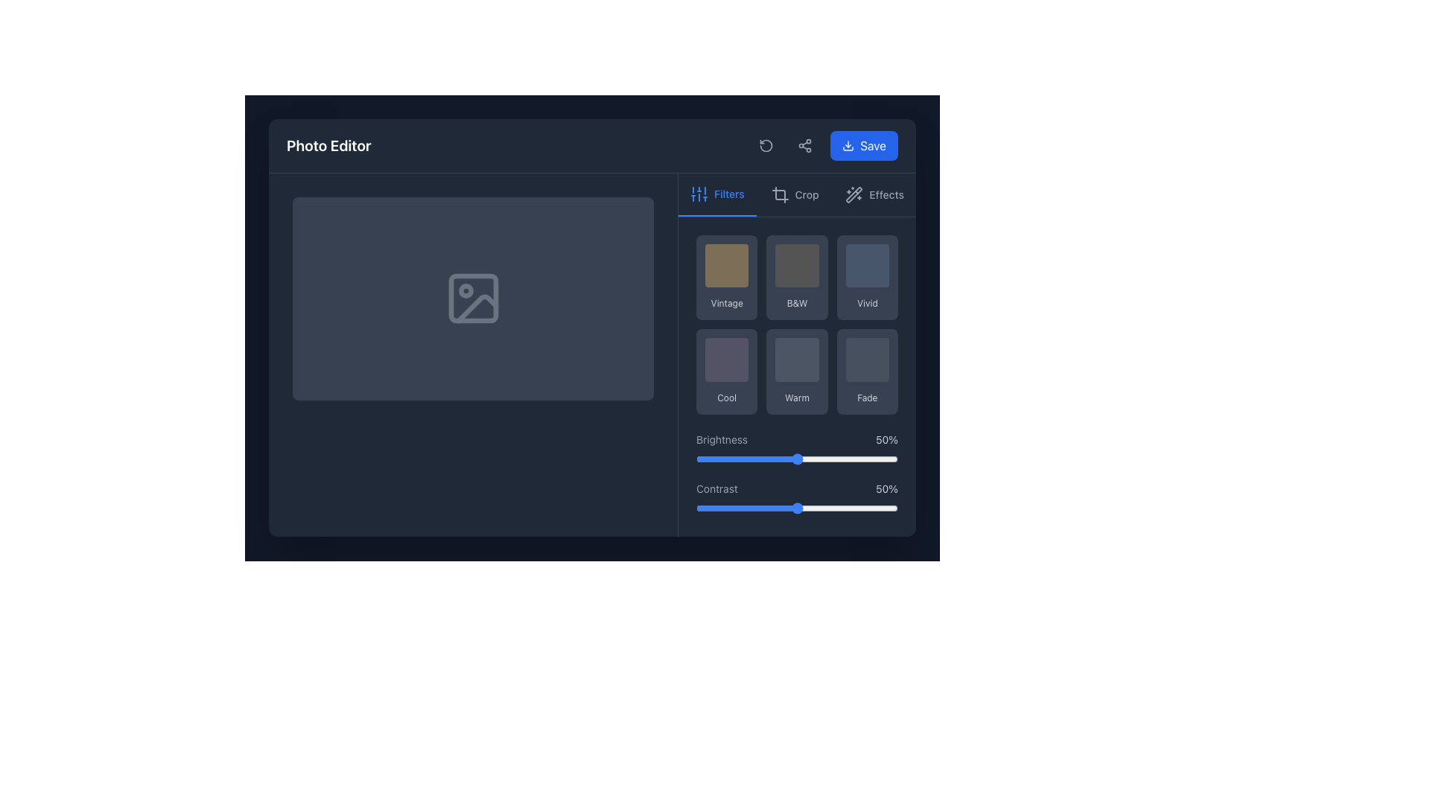 The image size is (1430, 804). Describe the element at coordinates (699, 194) in the screenshot. I see `the vertical sliders icon located in the top-left corner of the settings section, adjacent to the 'Filters' label` at that location.